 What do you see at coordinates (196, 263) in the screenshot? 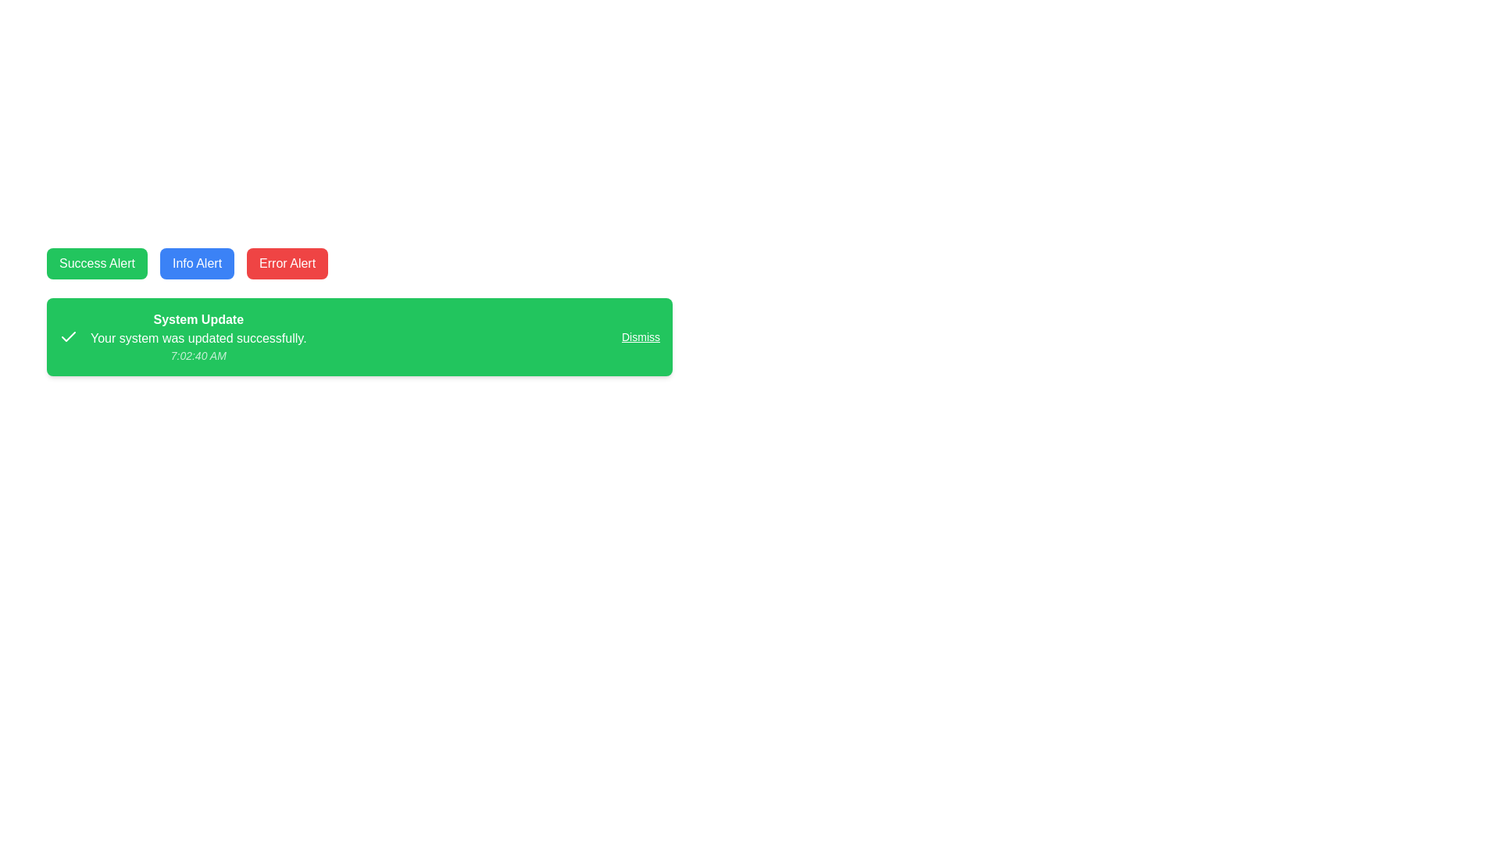
I see `the second button in a row of three buttons, which is positioned between a green 'Success Alert' button and a red 'Error Alert' button, to observe visual feedback` at bounding box center [196, 263].